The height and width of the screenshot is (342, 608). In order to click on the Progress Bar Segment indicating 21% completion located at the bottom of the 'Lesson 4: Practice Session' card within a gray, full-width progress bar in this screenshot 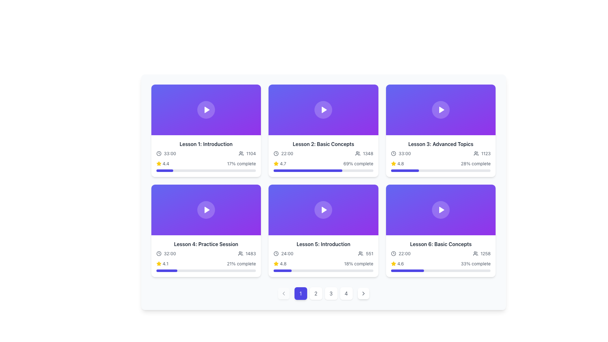, I will do `click(167, 271)`.